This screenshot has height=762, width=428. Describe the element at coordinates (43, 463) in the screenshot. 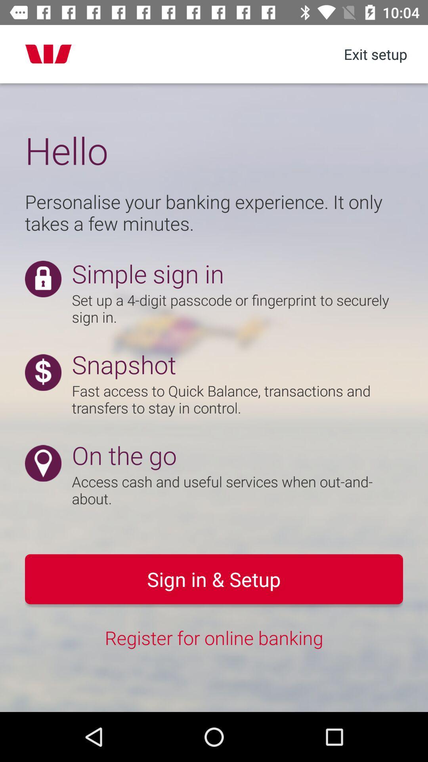

I see `the location icon below snapshot` at that location.